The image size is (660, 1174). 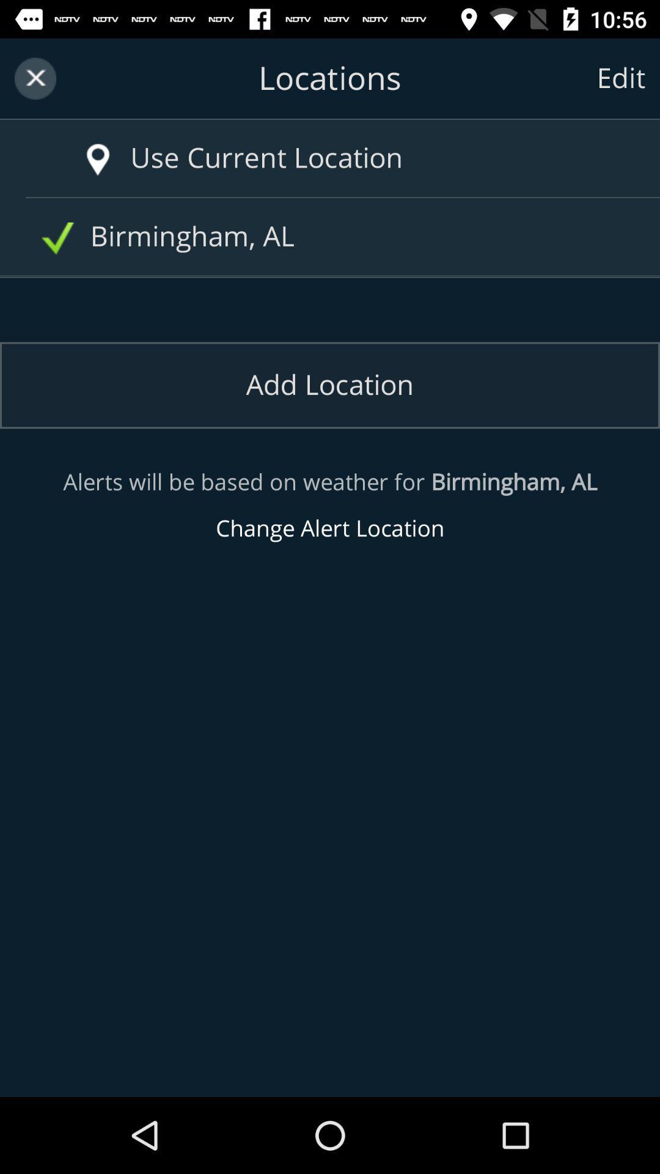 I want to click on use current location, so click(x=355, y=158).